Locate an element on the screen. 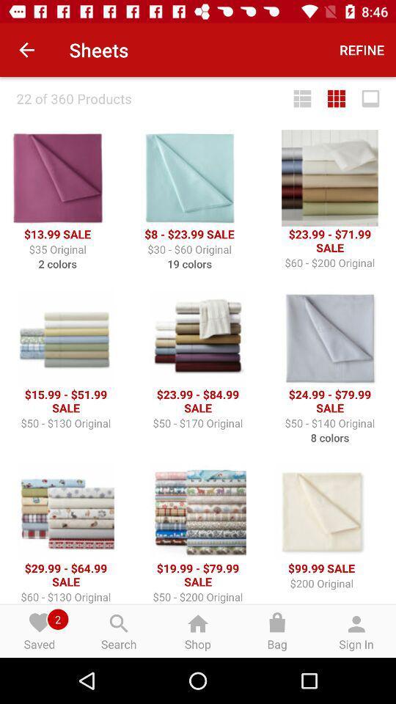  the icon next to 22 of 360 icon is located at coordinates (301, 98).